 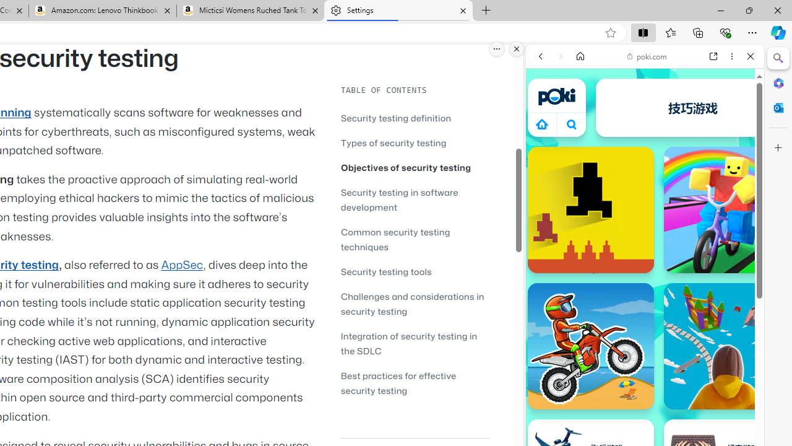 I want to click on 'Security testing tools', so click(x=385, y=271).